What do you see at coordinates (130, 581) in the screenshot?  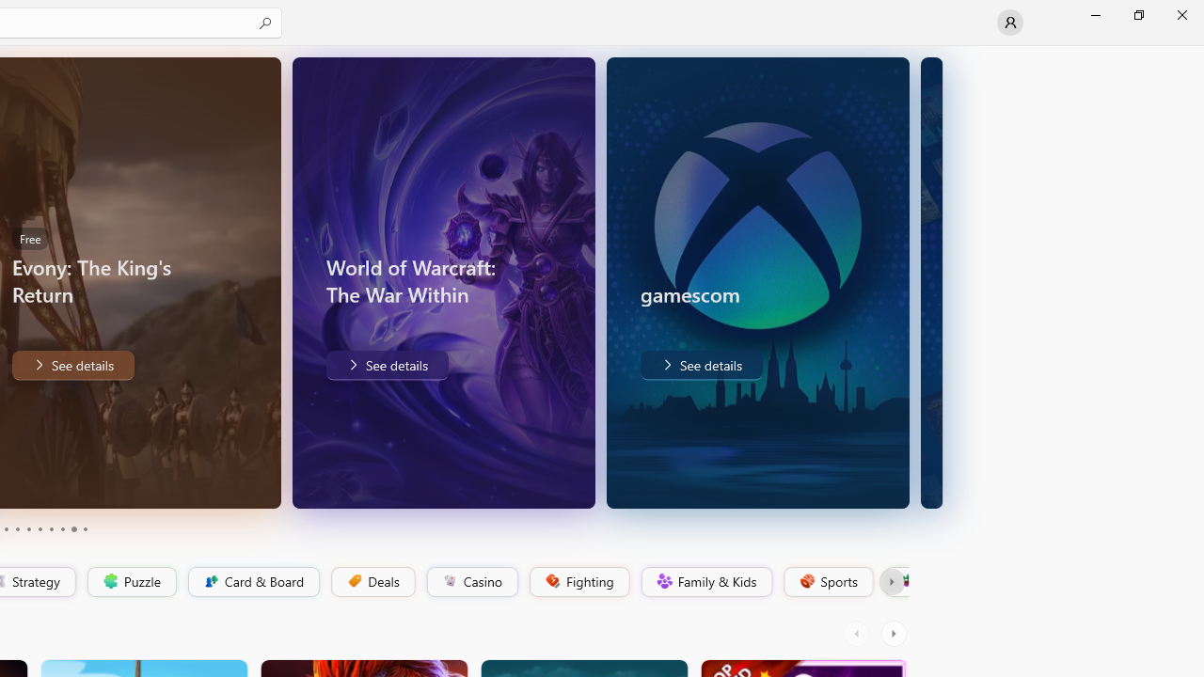 I see `'Puzzle'` at bounding box center [130, 581].